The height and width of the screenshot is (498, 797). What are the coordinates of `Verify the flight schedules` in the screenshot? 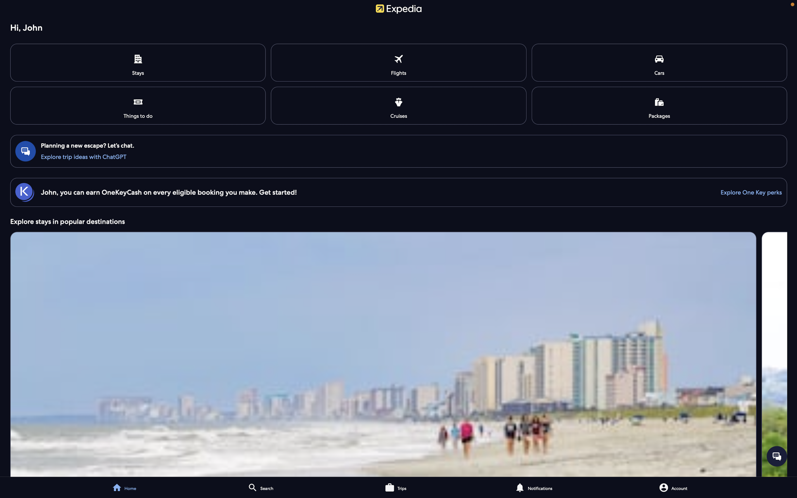 It's located at (399, 63).